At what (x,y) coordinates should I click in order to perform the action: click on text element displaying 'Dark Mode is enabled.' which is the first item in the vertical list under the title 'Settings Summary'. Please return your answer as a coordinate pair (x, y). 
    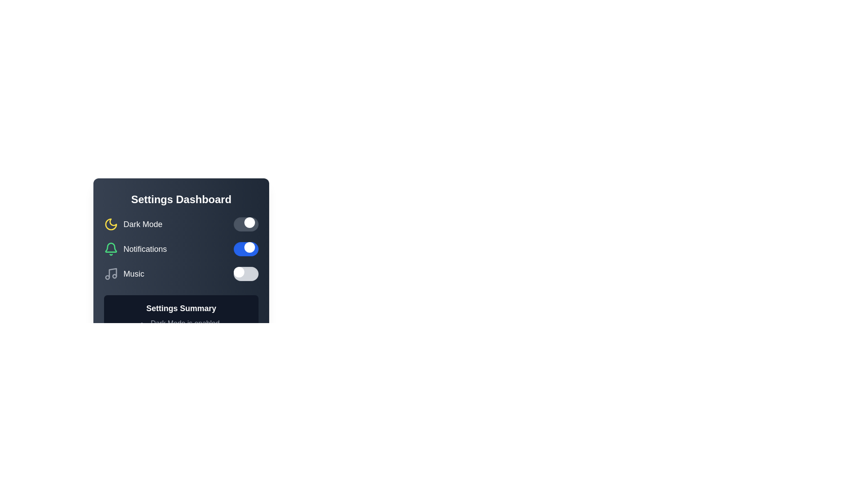
    Looking at the image, I should click on (181, 324).